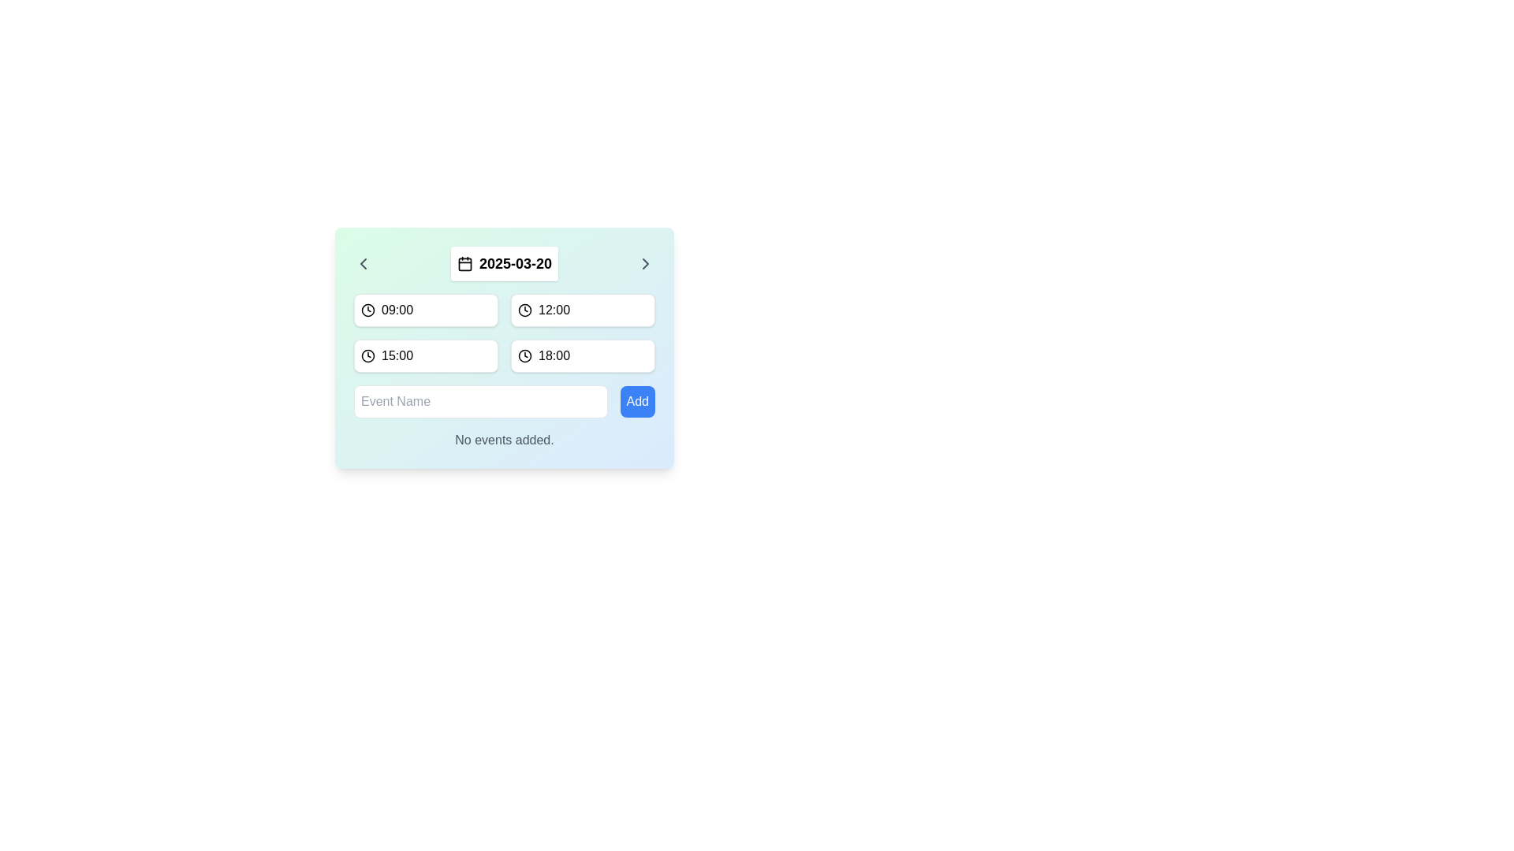 This screenshot has width=1514, height=851. Describe the element at coordinates (426, 355) in the screenshot. I see `the button representing the selectable time slot of 15:00, located in the second row, first column of the grid layout, directly below the '09:00' button and to the left of the '18:00' button` at that location.